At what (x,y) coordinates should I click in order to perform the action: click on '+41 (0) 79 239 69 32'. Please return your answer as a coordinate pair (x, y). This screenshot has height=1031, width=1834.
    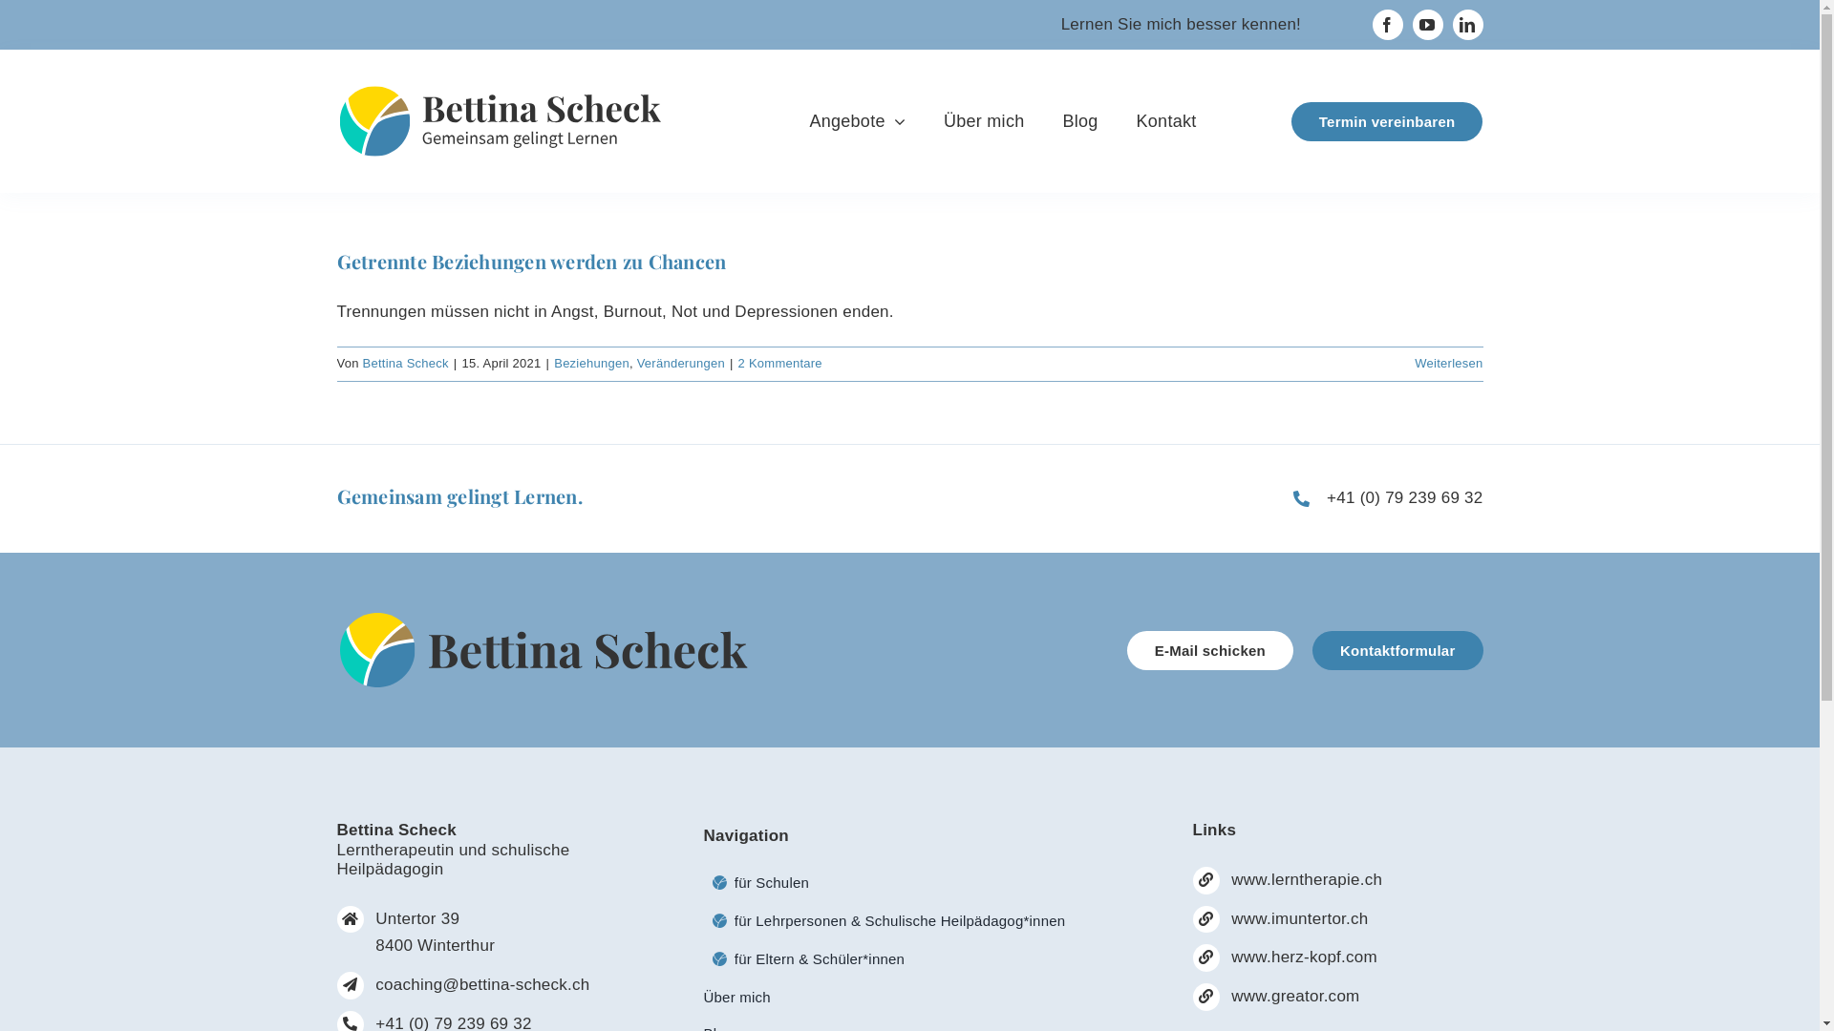
    Looking at the image, I should click on (1404, 496).